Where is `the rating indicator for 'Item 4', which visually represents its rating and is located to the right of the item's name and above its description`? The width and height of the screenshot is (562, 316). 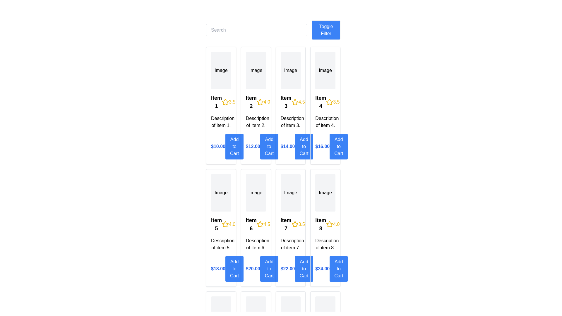 the rating indicator for 'Item 4', which visually represents its rating and is located to the right of the item's name and above its description is located at coordinates (333, 102).